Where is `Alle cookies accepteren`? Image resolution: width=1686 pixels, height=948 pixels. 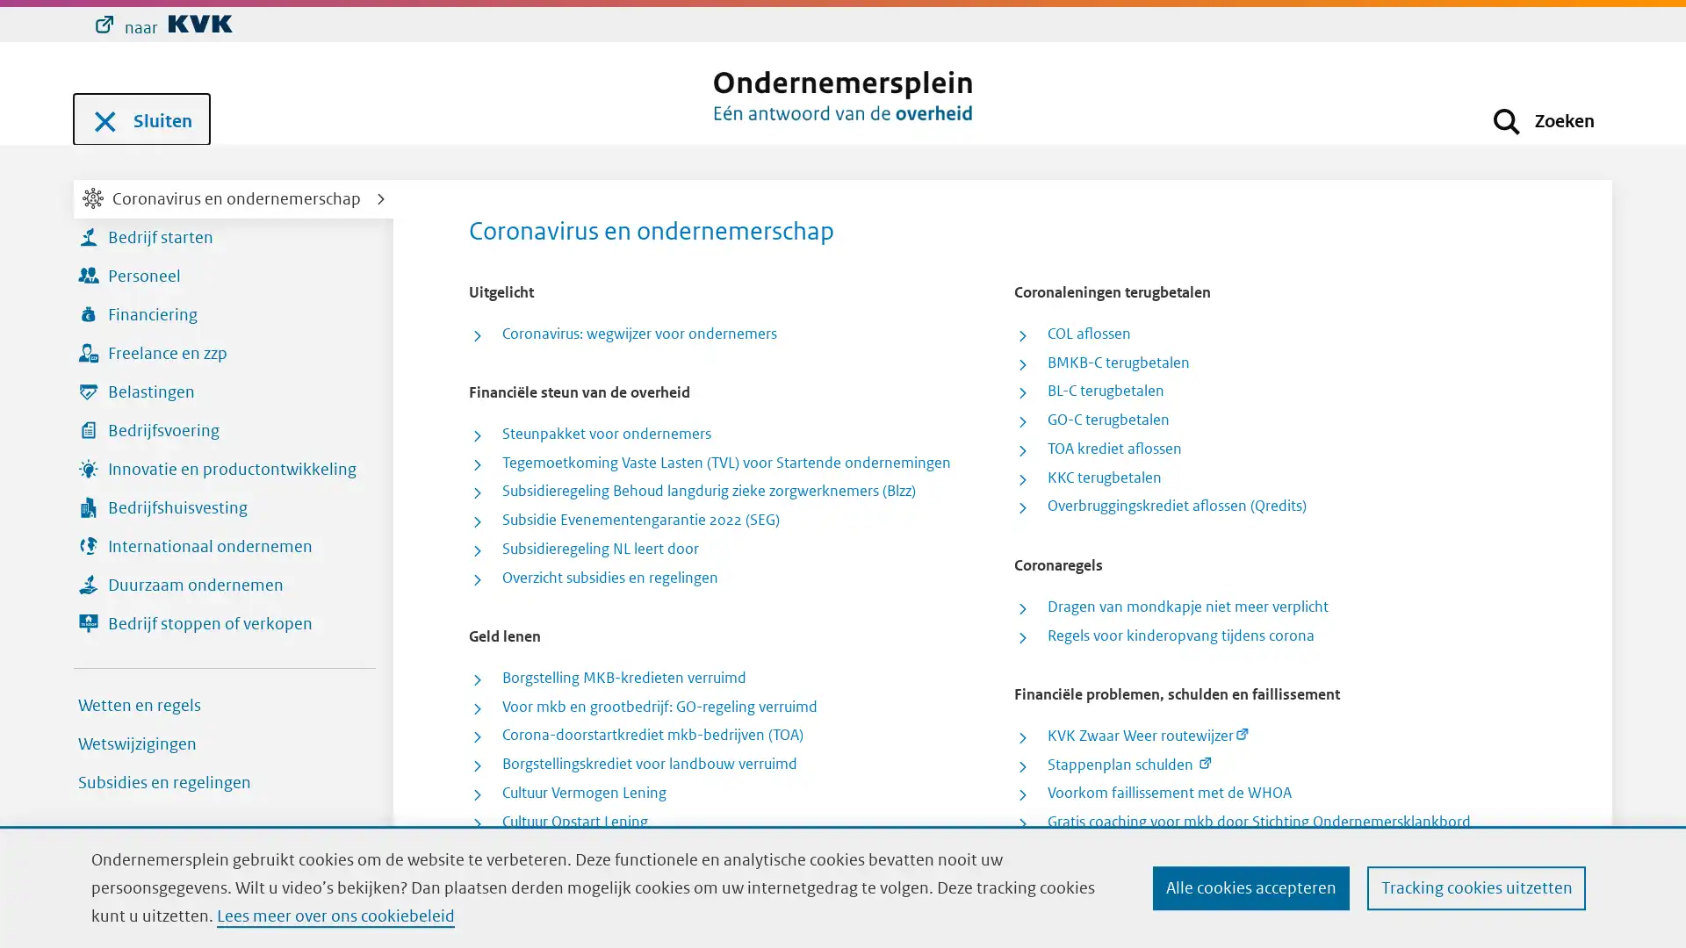 Alle cookies accepteren is located at coordinates (1250, 887).